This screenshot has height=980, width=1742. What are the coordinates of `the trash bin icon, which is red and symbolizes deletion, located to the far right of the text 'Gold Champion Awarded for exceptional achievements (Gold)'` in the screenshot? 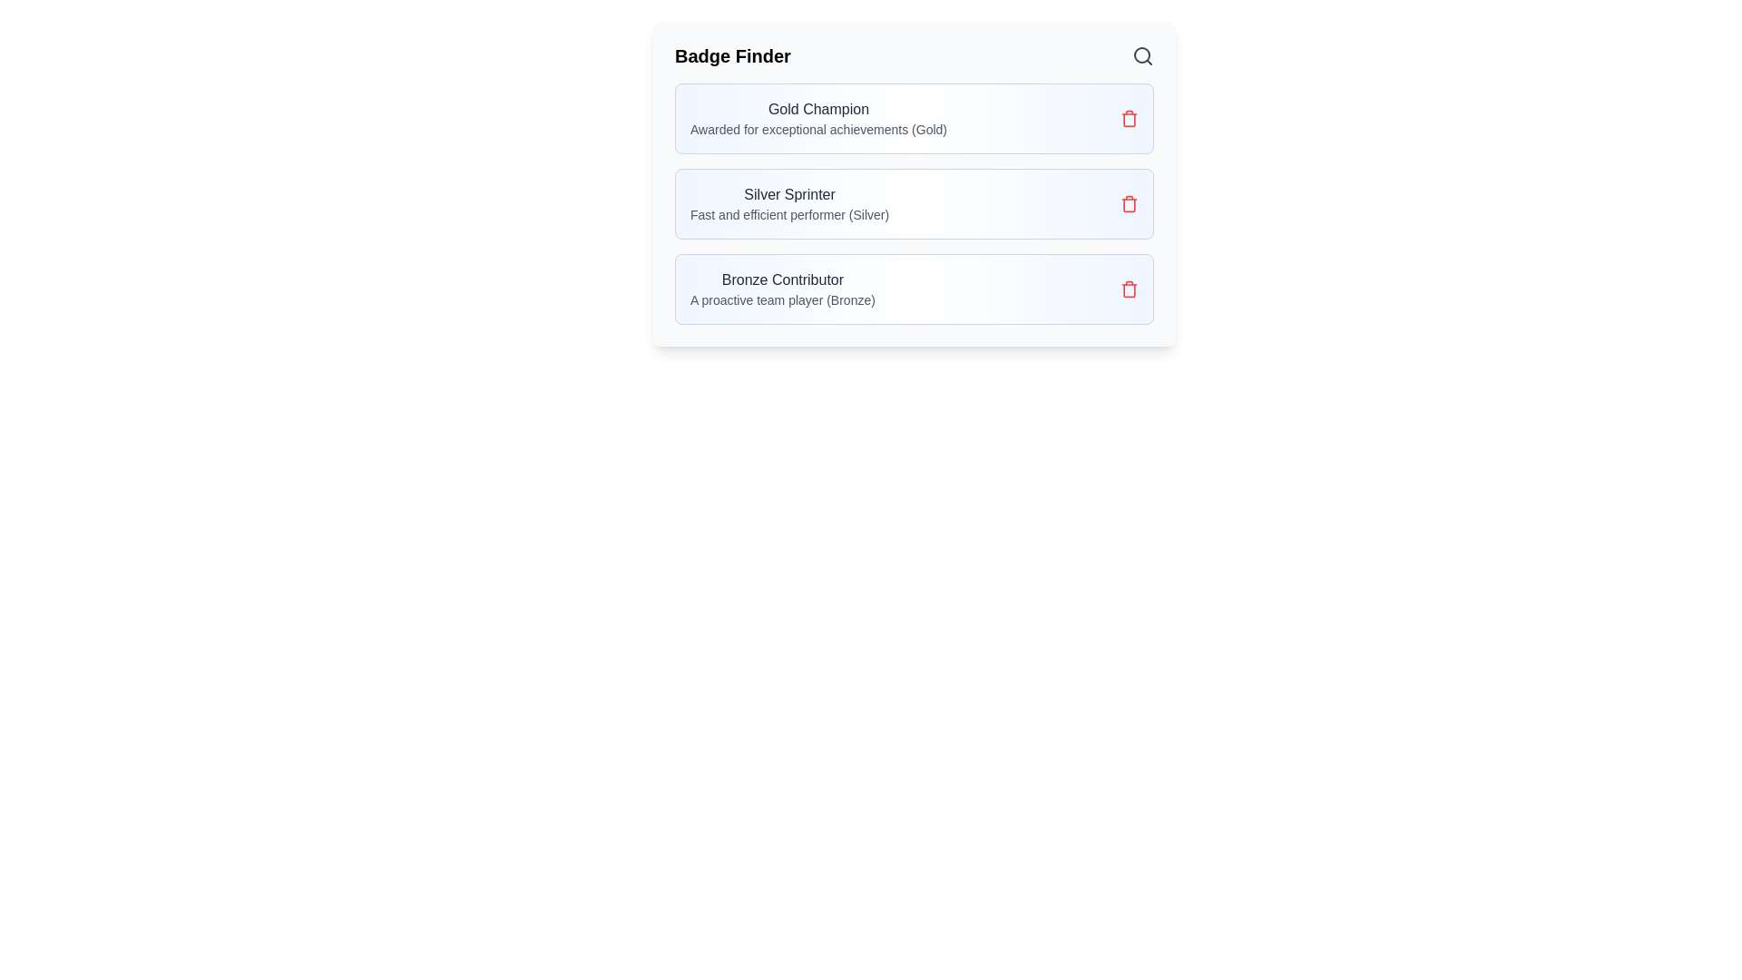 It's located at (1128, 119).